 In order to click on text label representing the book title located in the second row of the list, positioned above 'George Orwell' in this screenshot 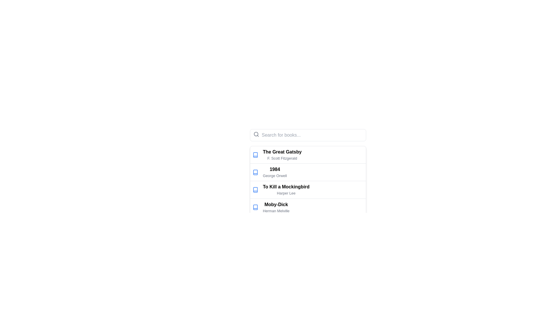, I will do `click(274, 169)`.